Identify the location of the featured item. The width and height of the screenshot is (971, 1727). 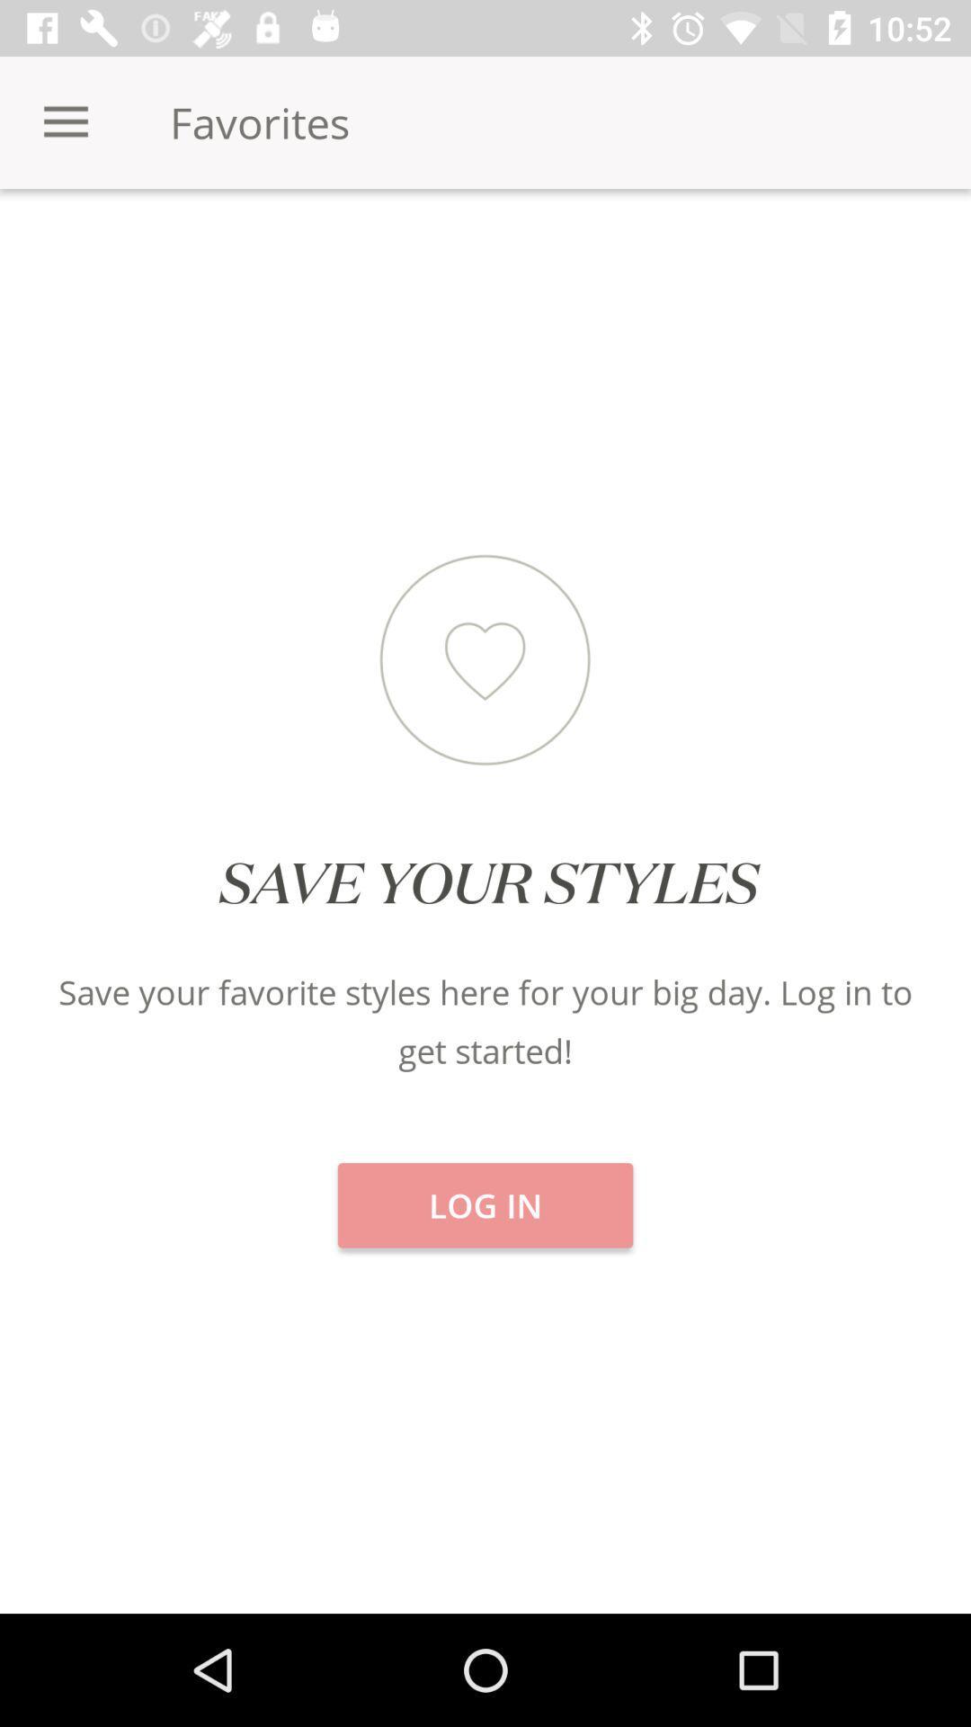
(485, 251).